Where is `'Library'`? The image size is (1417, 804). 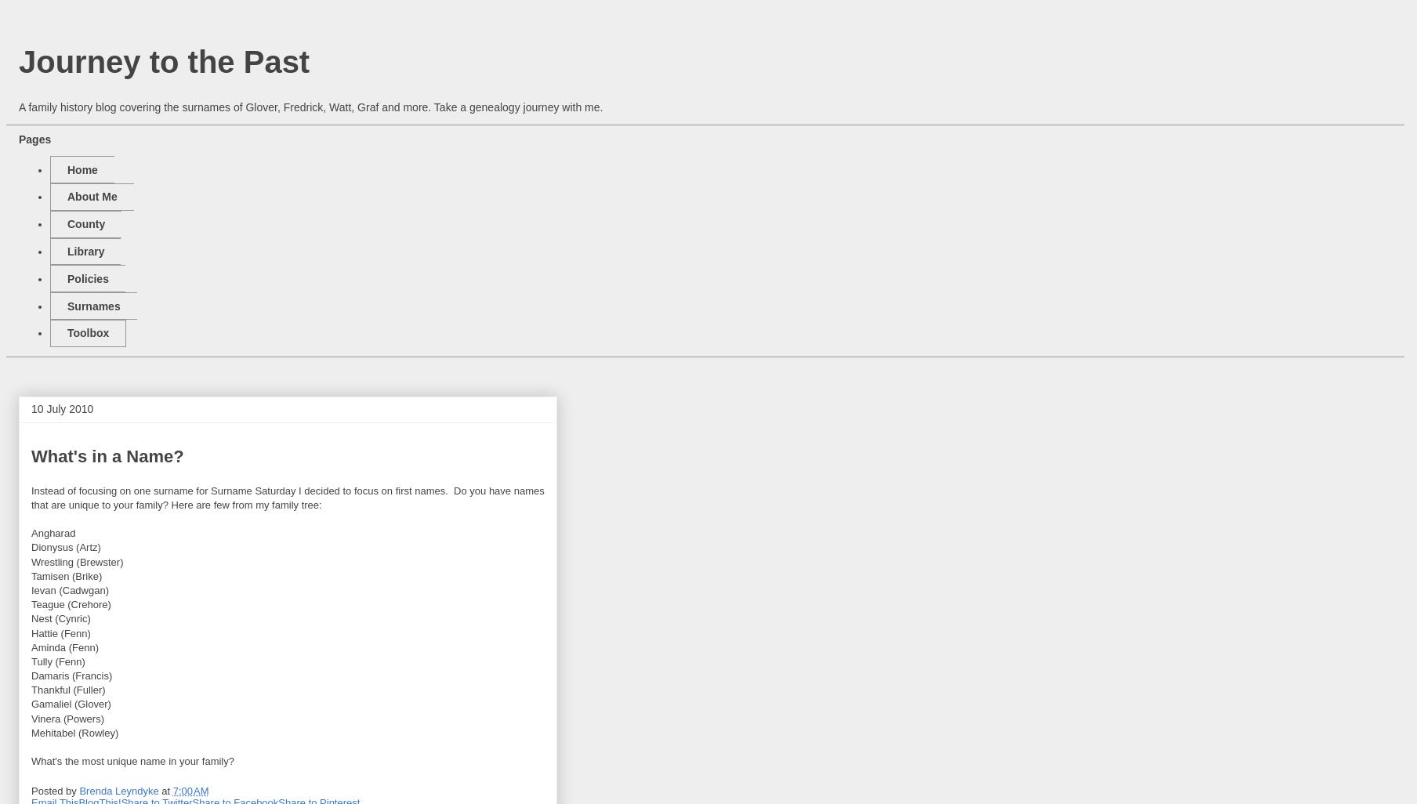
'Library' is located at coordinates (85, 251).